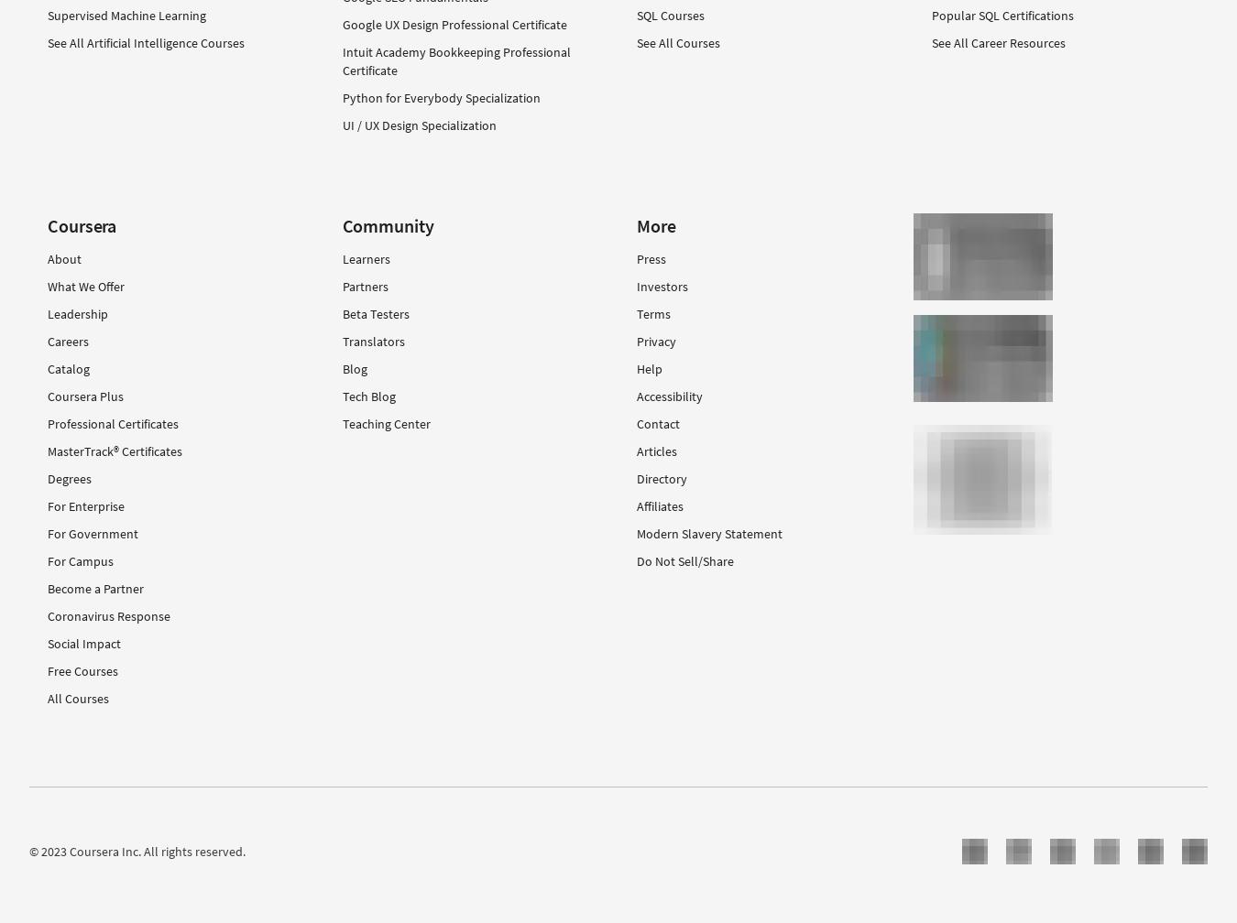 The width and height of the screenshot is (1237, 923). I want to click on 'Press', so click(651, 258).